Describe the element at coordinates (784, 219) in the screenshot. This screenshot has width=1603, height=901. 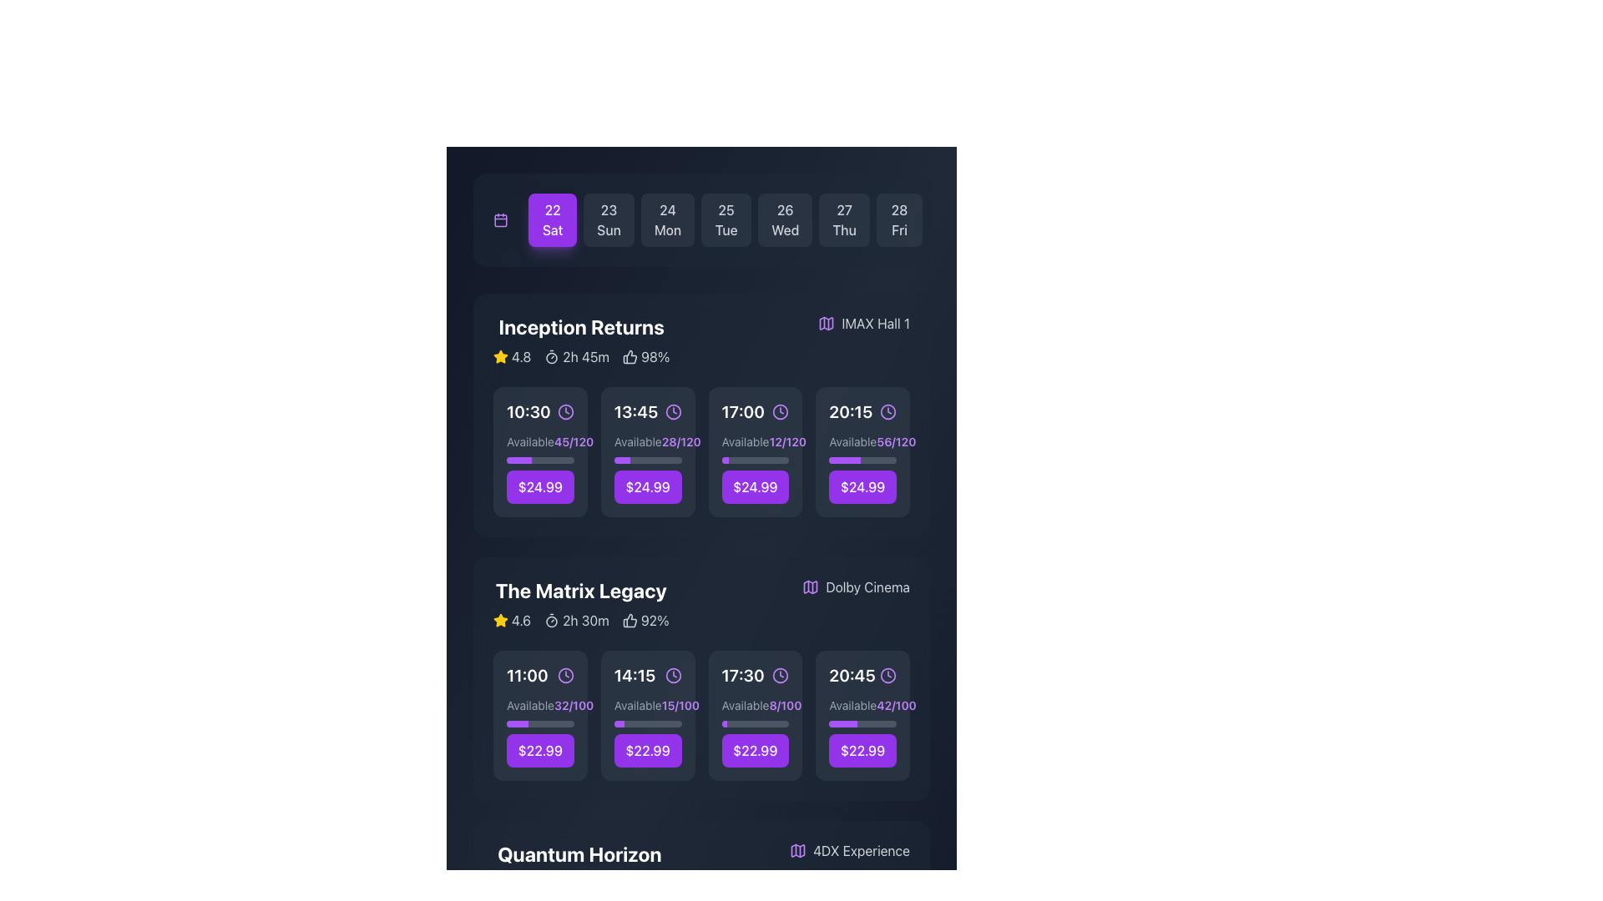
I see `the date selection button displaying '26 Wed'` at that location.